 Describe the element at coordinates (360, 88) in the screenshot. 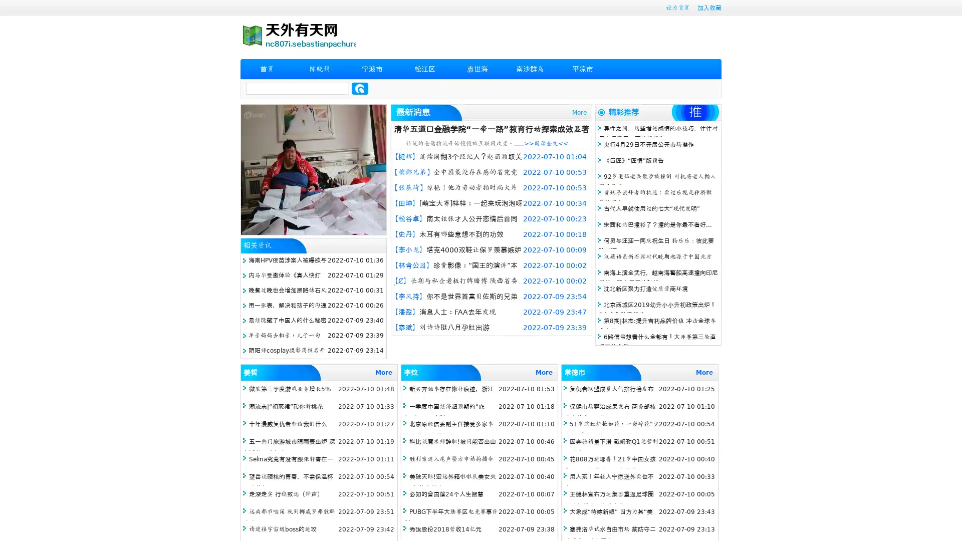

I see `Search` at that location.